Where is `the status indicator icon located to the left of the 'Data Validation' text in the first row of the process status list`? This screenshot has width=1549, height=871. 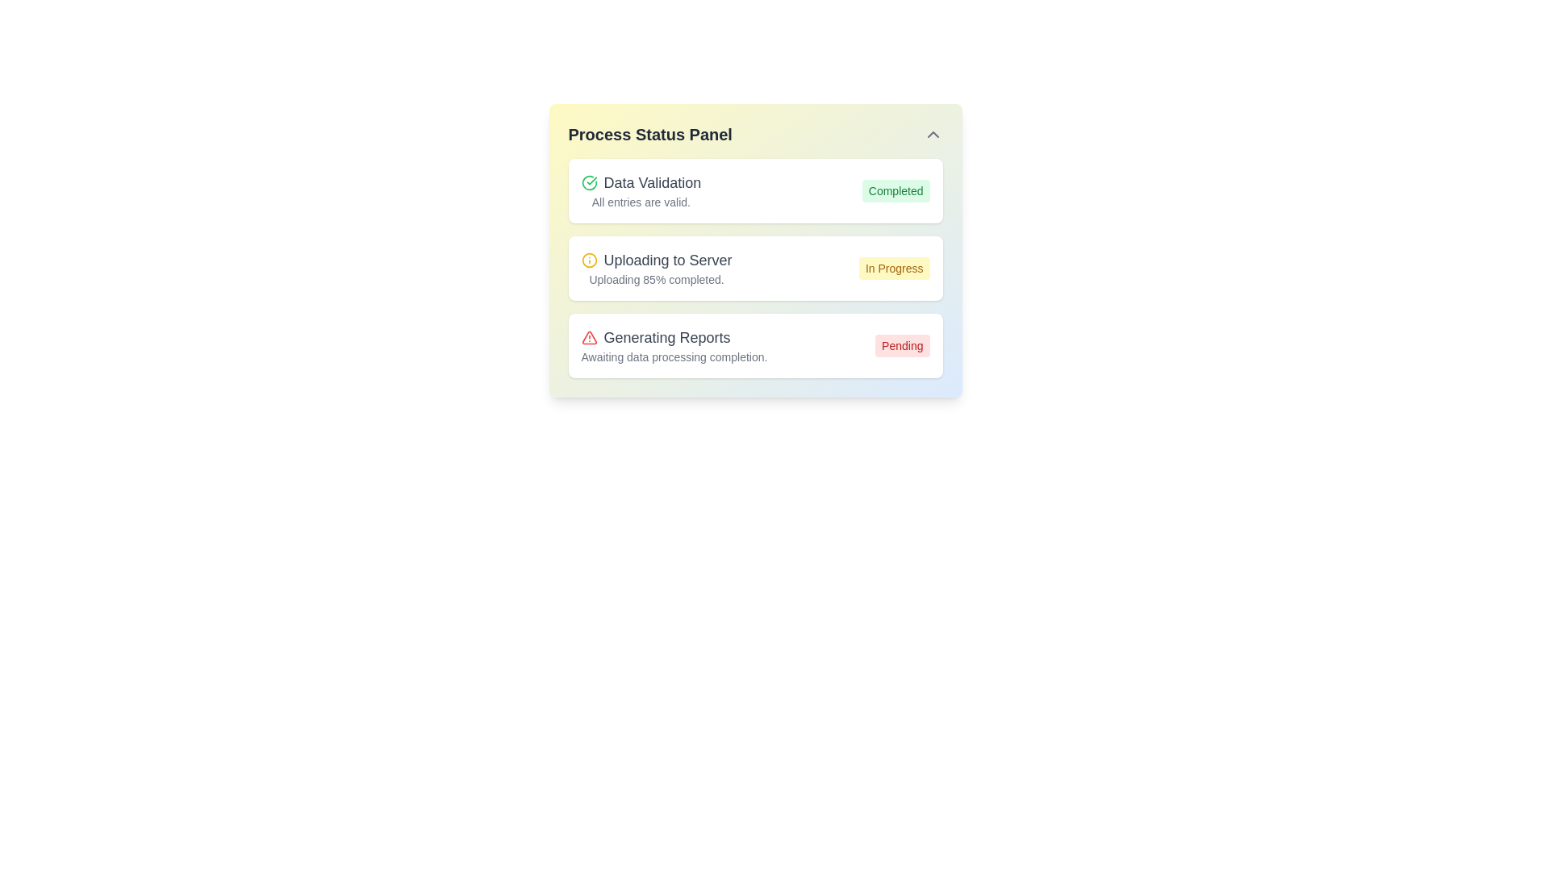
the status indicator icon located to the left of the 'Data Validation' text in the first row of the process status list is located at coordinates (588, 182).